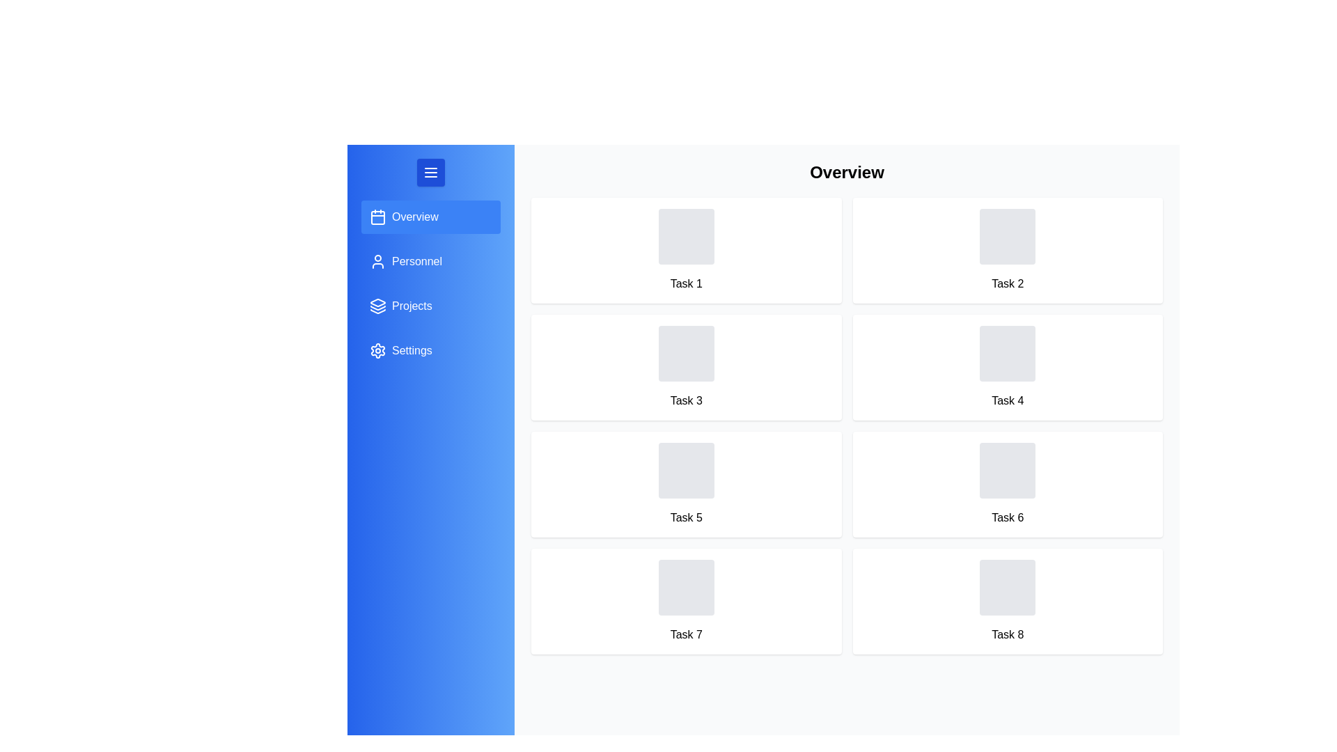 Image resolution: width=1337 pixels, height=752 pixels. What do you see at coordinates (430, 305) in the screenshot?
I see `the menu item for Projects to switch to that section` at bounding box center [430, 305].